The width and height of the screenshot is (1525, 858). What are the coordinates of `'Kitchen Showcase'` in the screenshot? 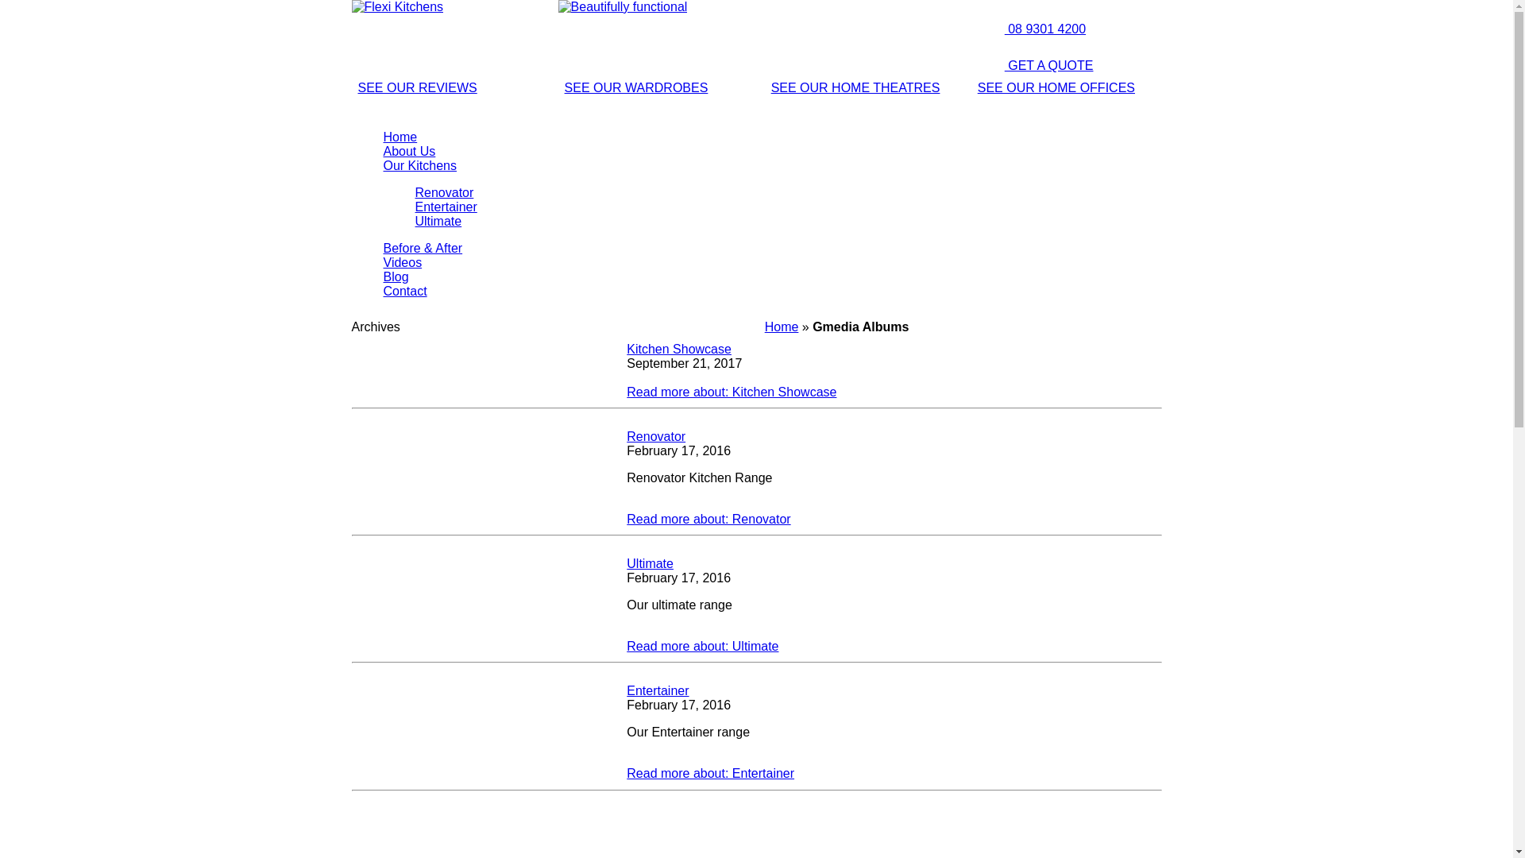 It's located at (678, 348).